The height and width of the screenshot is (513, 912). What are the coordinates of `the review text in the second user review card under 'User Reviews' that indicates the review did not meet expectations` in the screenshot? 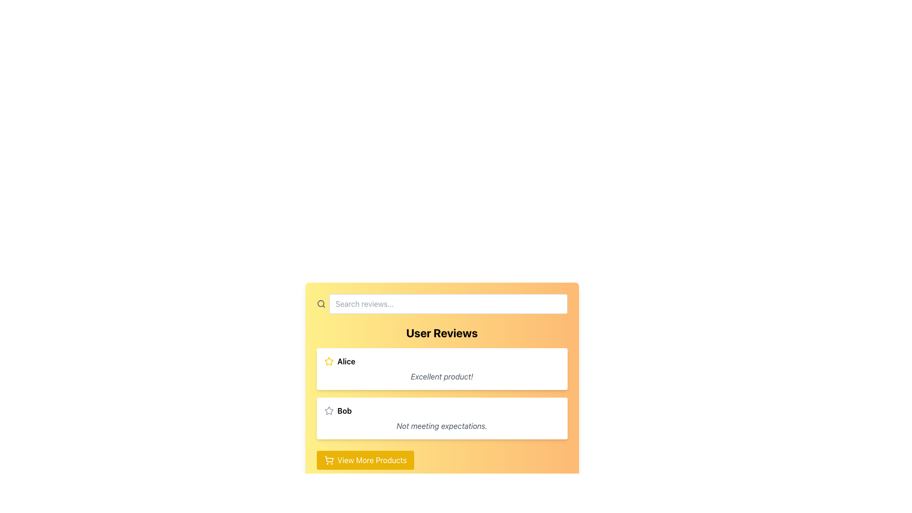 It's located at (441, 426).